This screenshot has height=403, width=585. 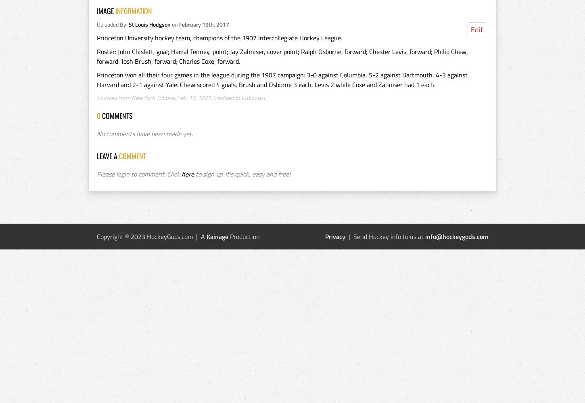 I want to click on 'to sign up. It's quick, easy and free!', so click(x=193, y=174).